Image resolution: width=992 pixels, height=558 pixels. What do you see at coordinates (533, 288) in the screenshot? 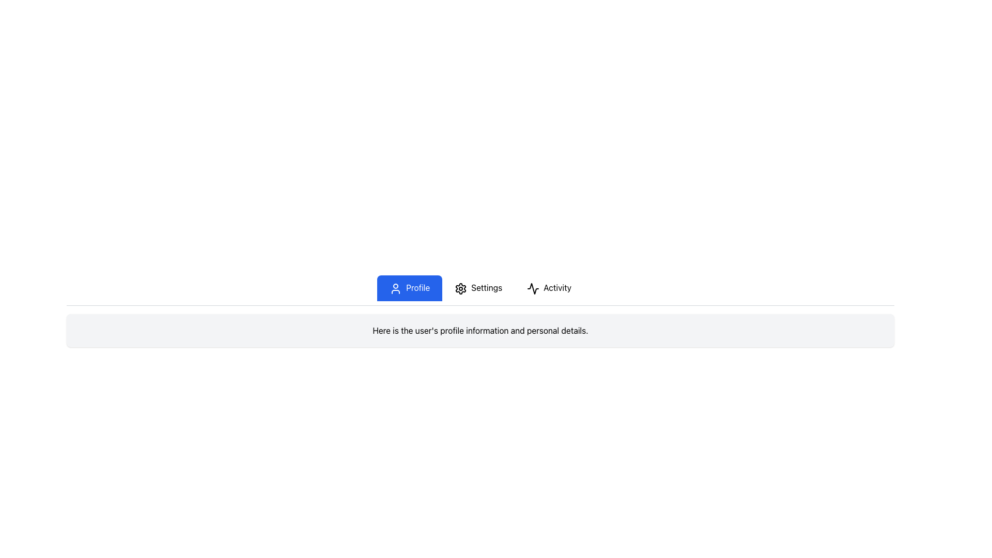
I see `the line graph-like icon next to the 'Activity' text label` at bounding box center [533, 288].